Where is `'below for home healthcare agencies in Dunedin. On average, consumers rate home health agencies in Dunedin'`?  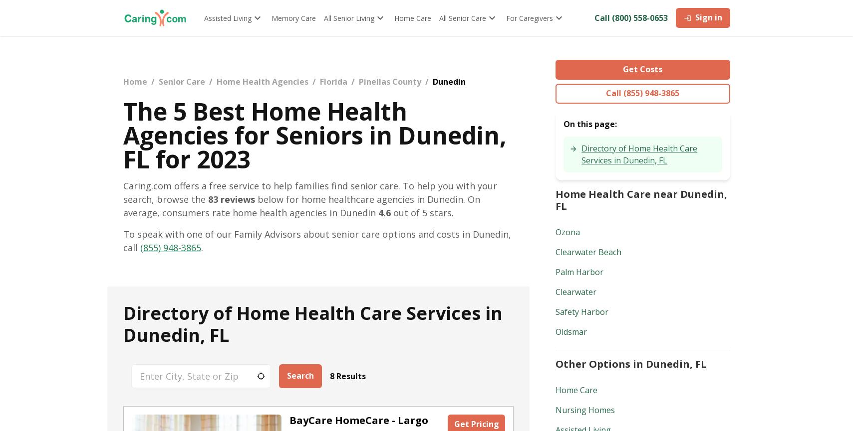
'below for home healthcare agencies in Dunedin. On average, consumers rate home health agencies in Dunedin' is located at coordinates (300, 206).